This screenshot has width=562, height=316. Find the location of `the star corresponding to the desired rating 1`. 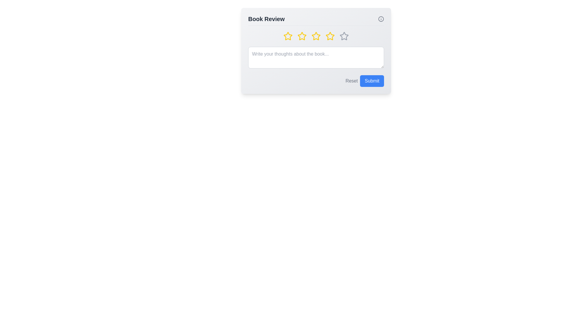

the star corresponding to the desired rating 1 is located at coordinates (288, 36).